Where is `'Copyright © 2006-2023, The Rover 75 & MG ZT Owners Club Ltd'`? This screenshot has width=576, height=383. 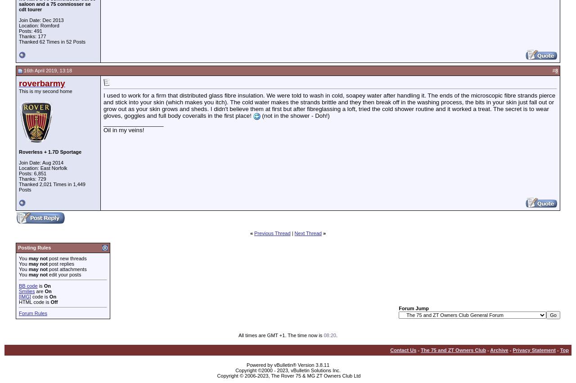 'Copyright © 2006-2023, The Rover 75 & MG ZT Owners Club Ltd' is located at coordinates (288, 375).